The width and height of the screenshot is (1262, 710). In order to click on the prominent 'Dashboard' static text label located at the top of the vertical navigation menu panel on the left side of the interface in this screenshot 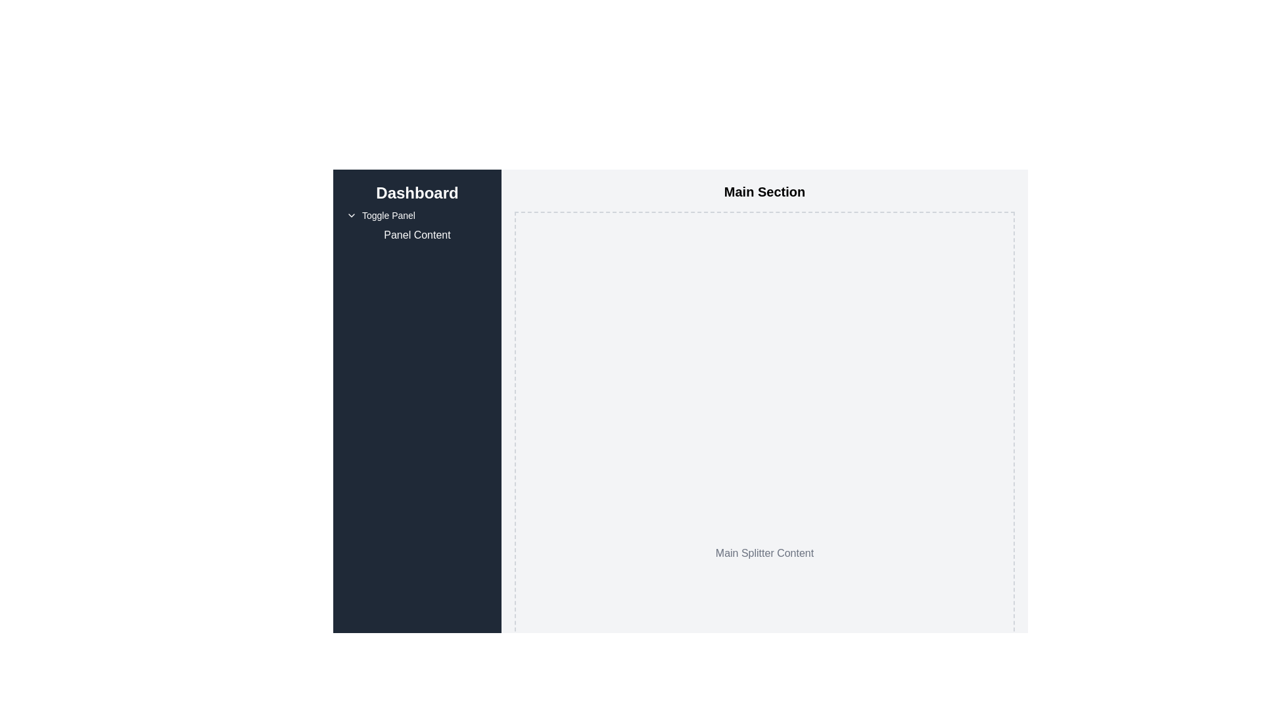, I will do `click(416, 193)`.